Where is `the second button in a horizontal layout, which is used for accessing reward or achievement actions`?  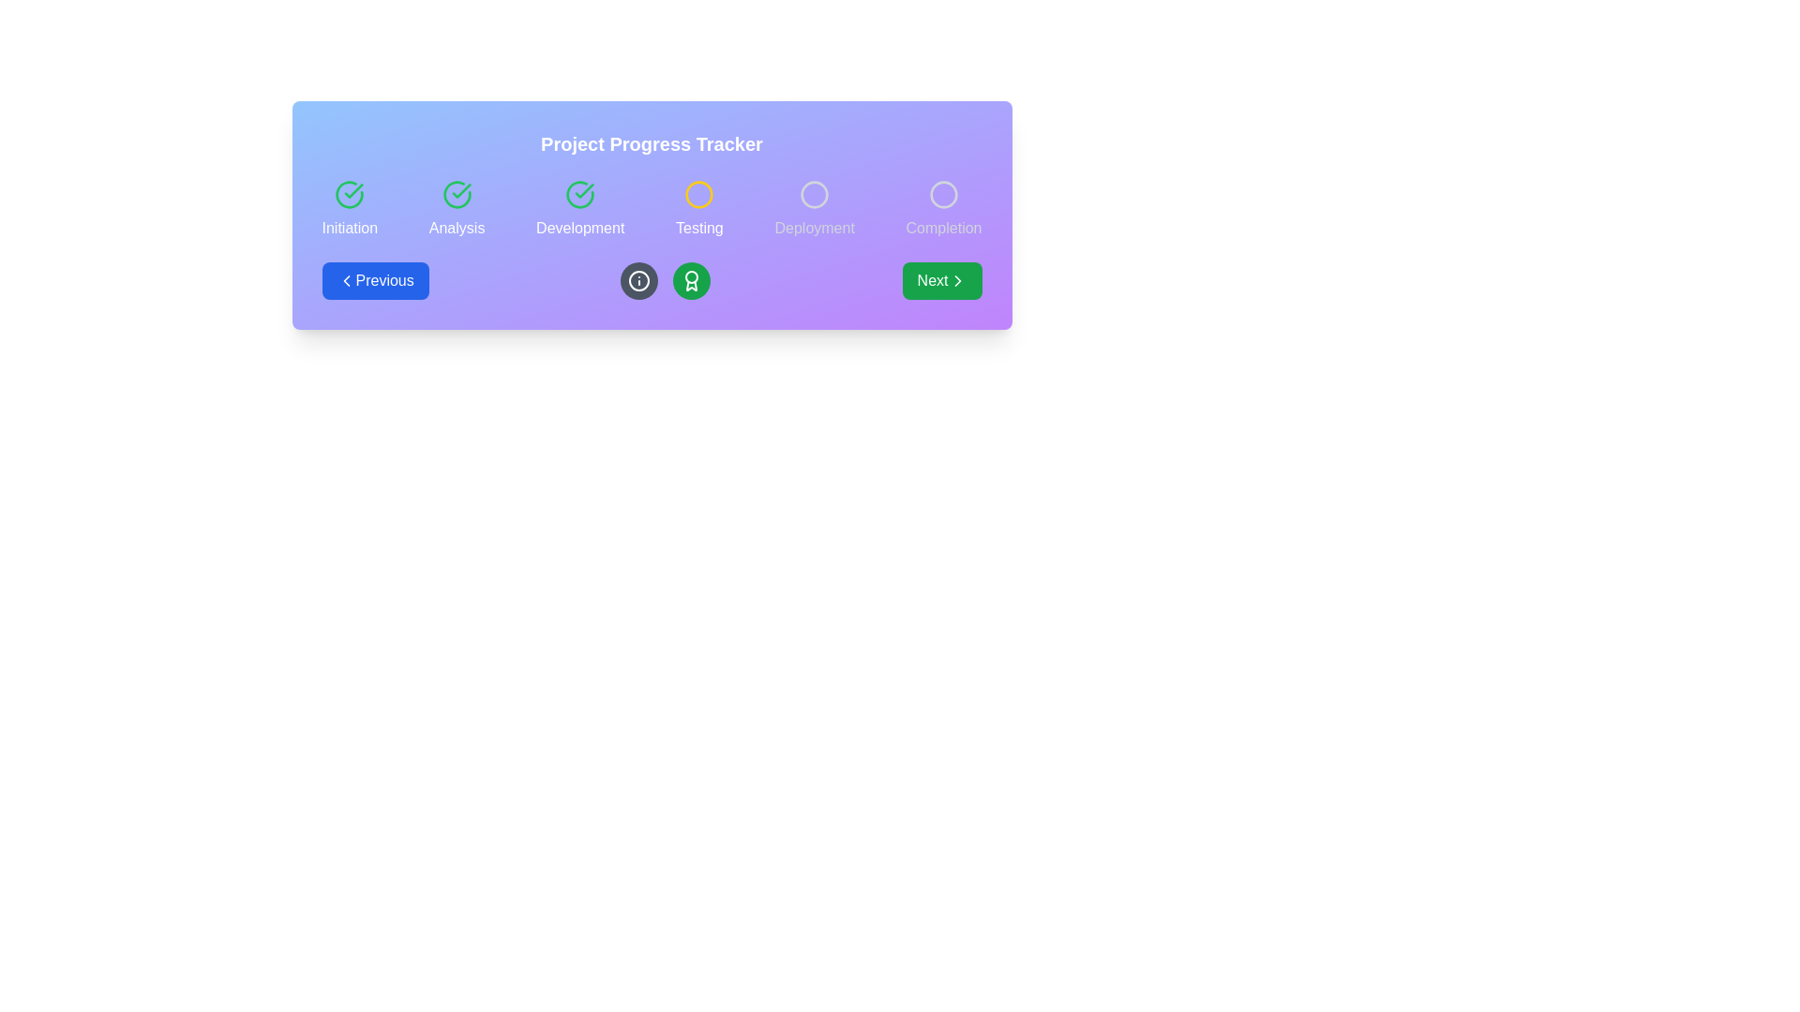
the second button in a horizontal layout, which is used for accessing reward or achievement actions is located at coordinates (691, 281).